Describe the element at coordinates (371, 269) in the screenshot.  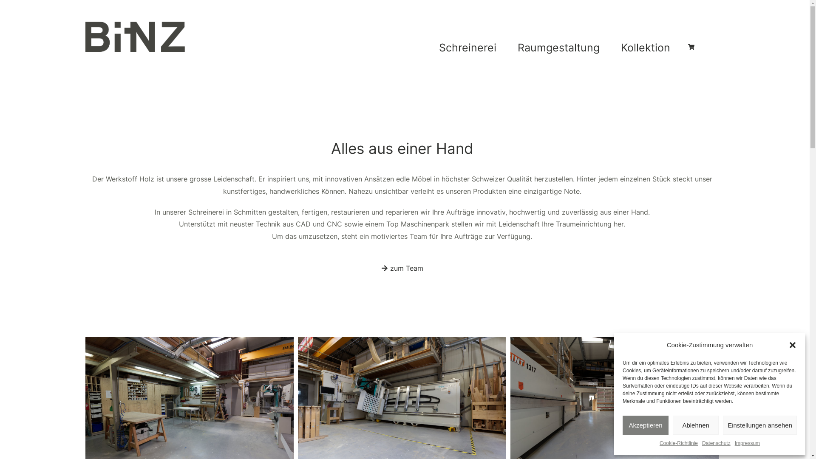
I see `'zum Team'` at that location.